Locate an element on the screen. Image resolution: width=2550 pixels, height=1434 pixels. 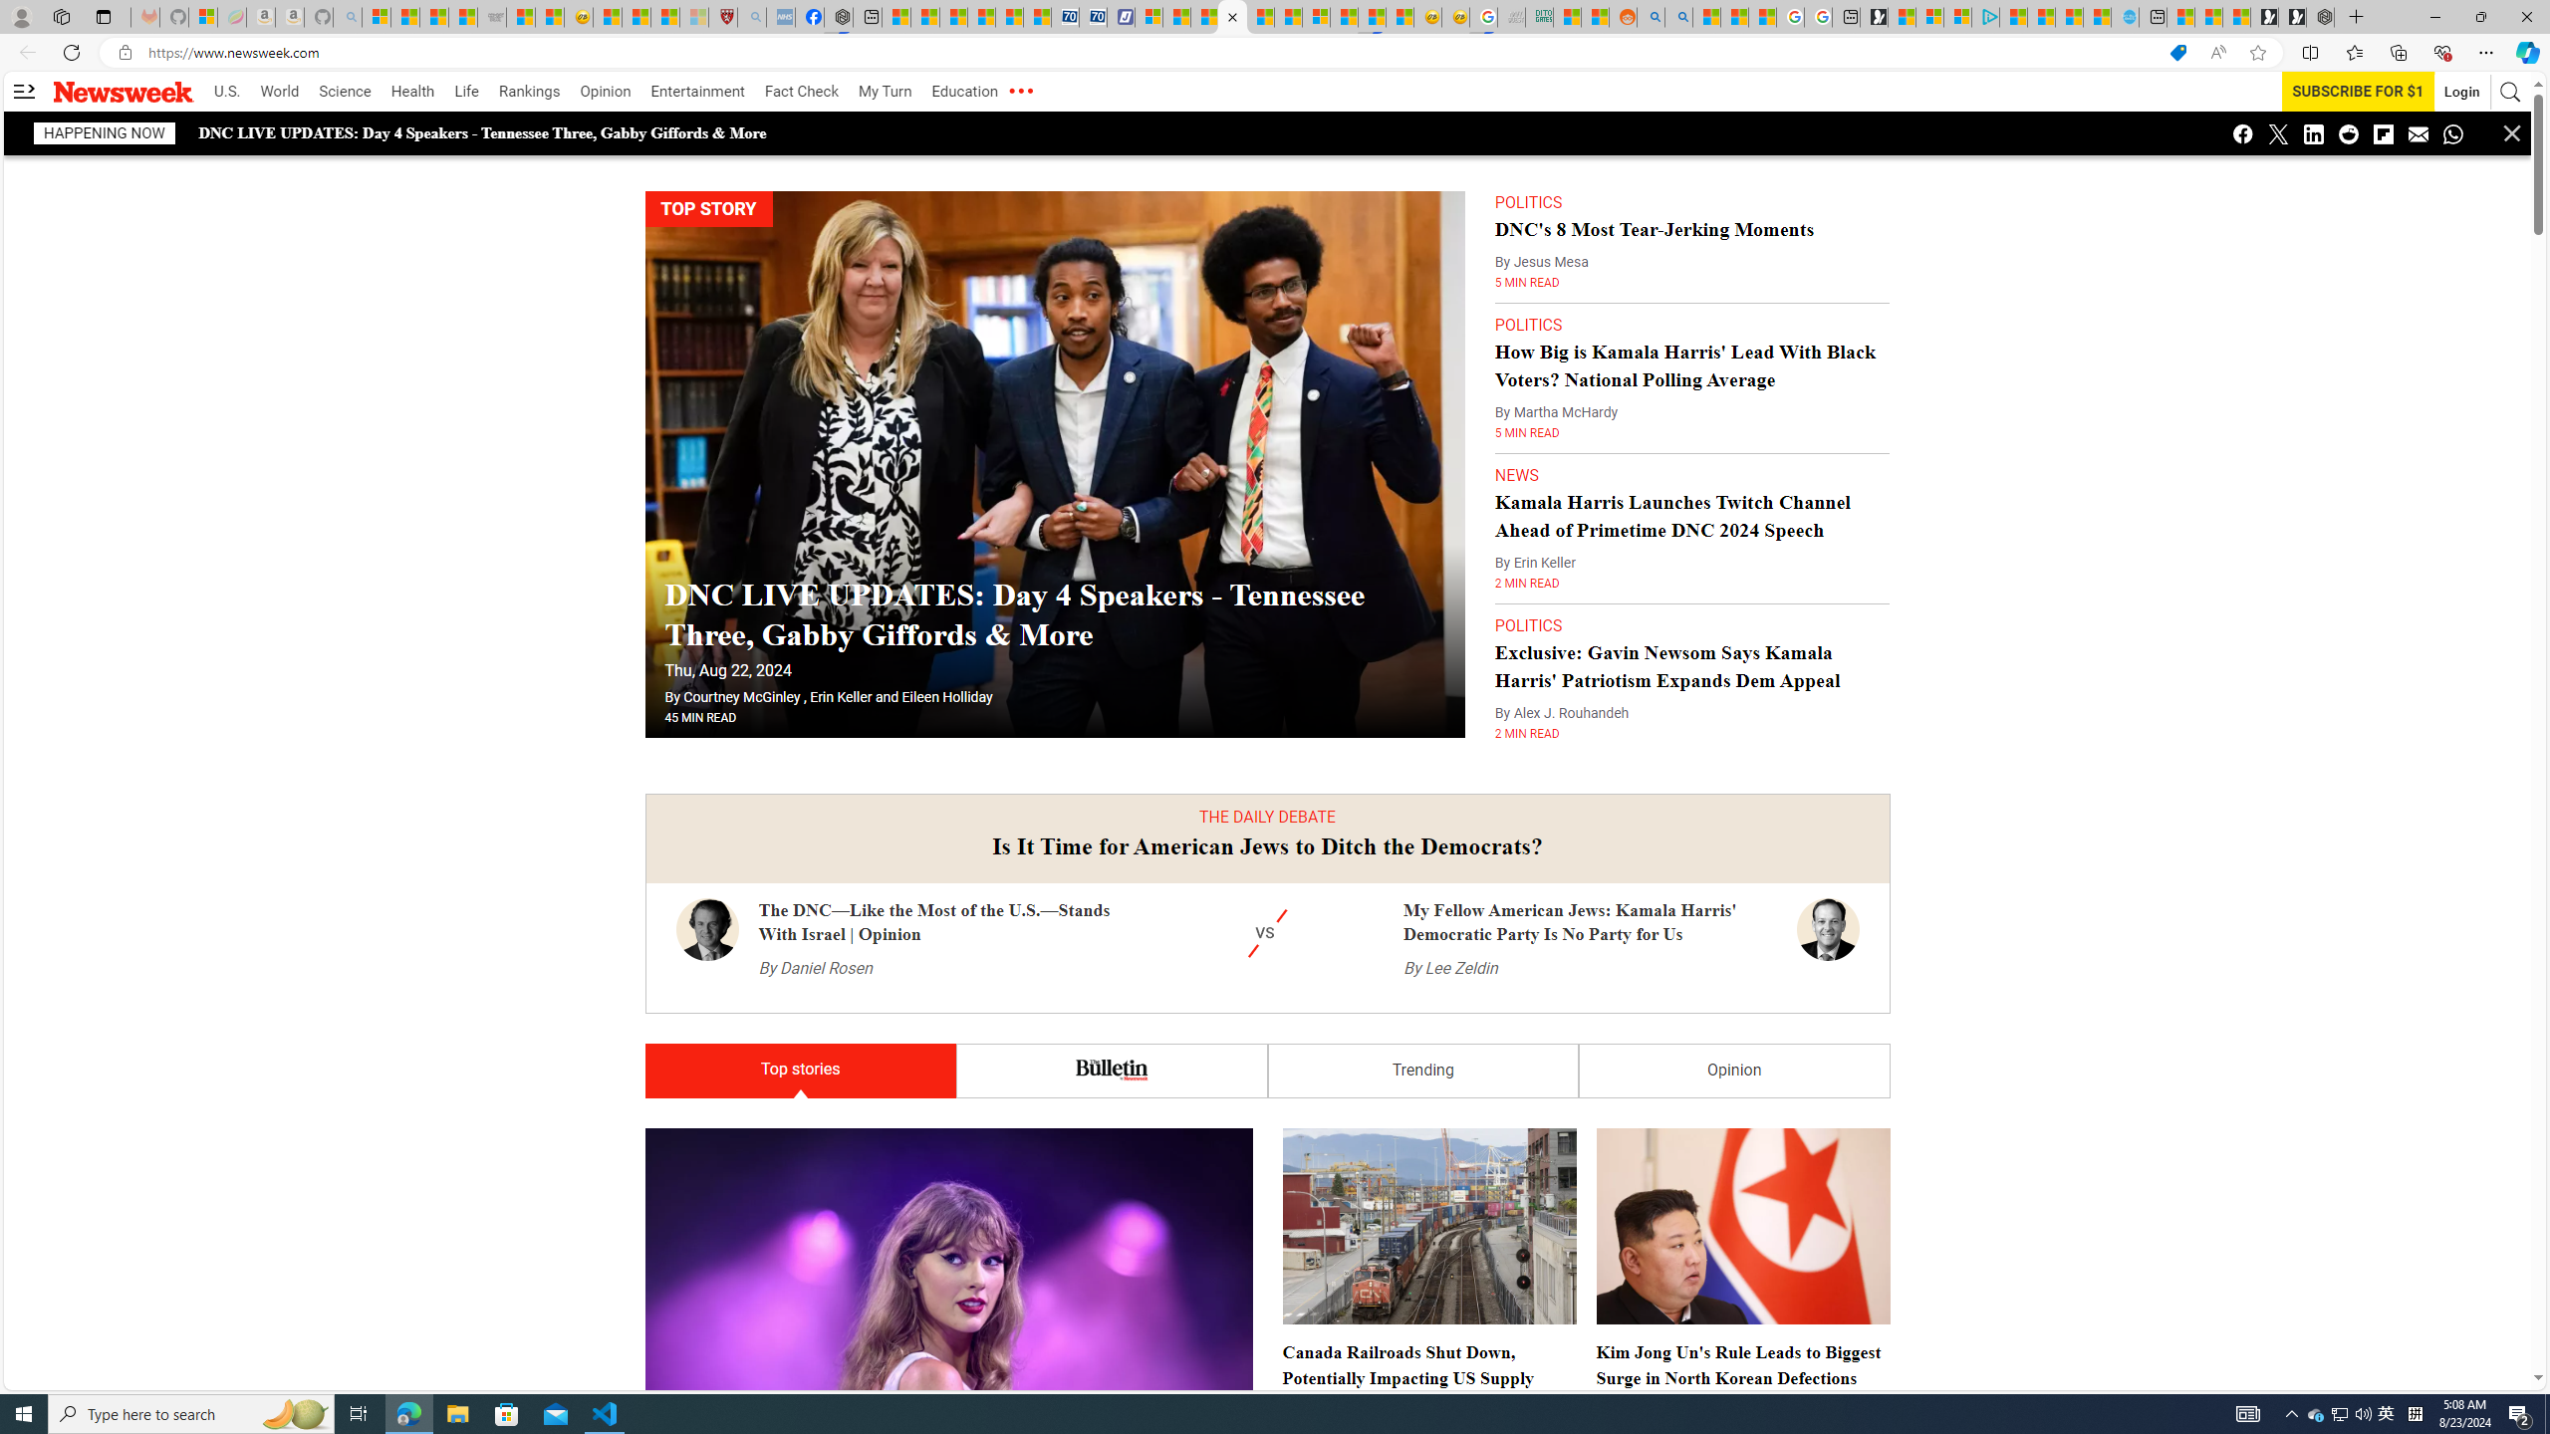
'By Erin Keller' is located at coordinates (1534, 562).